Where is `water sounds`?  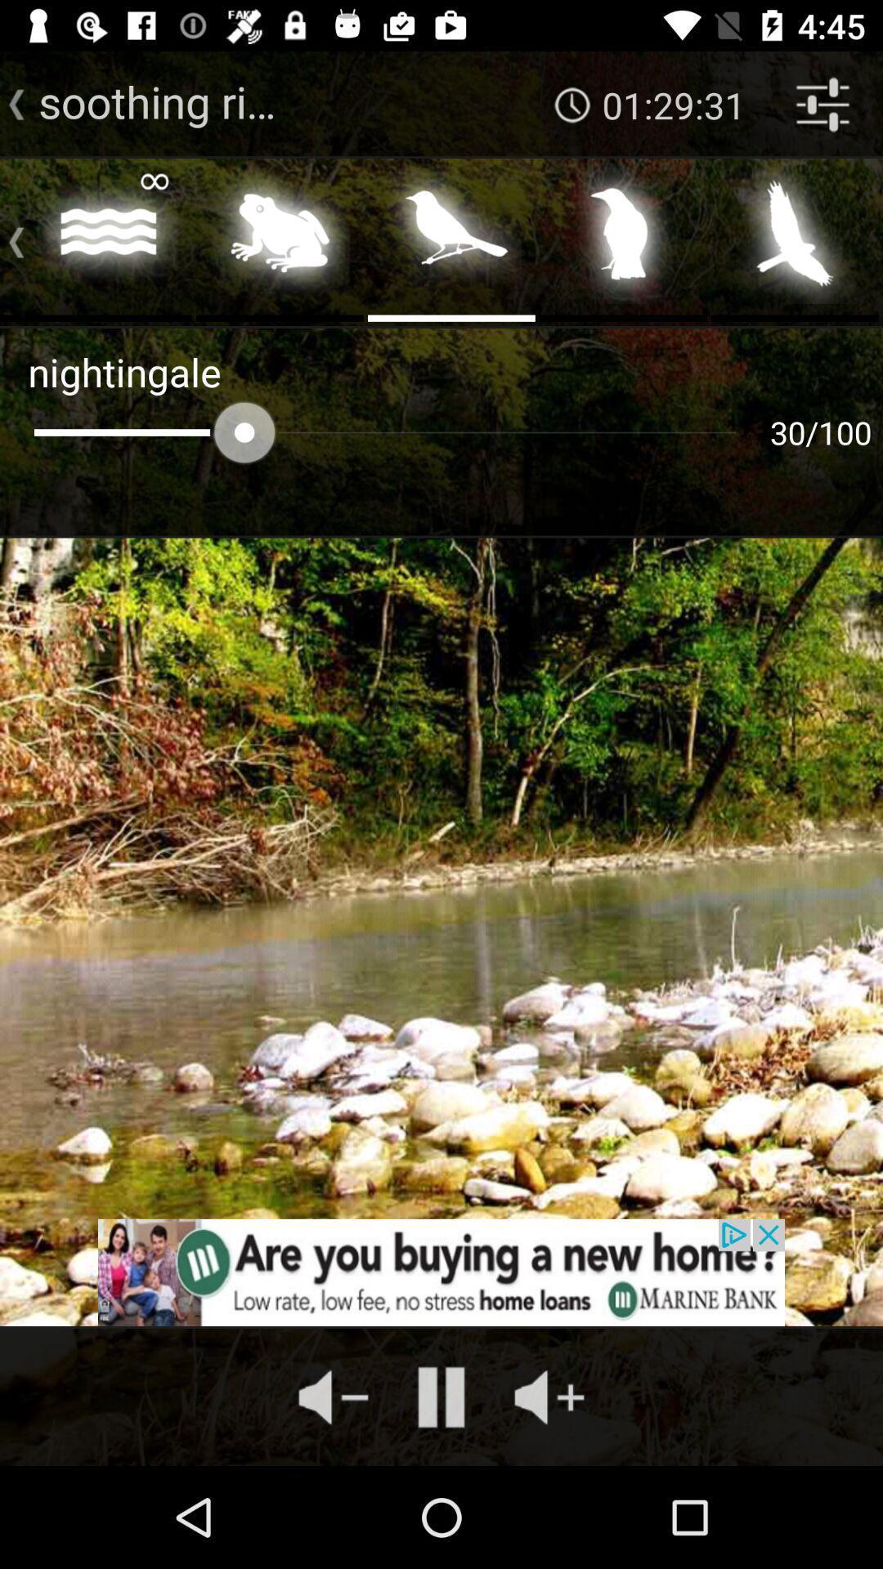
water sounds is located at coordinates (108, 238).